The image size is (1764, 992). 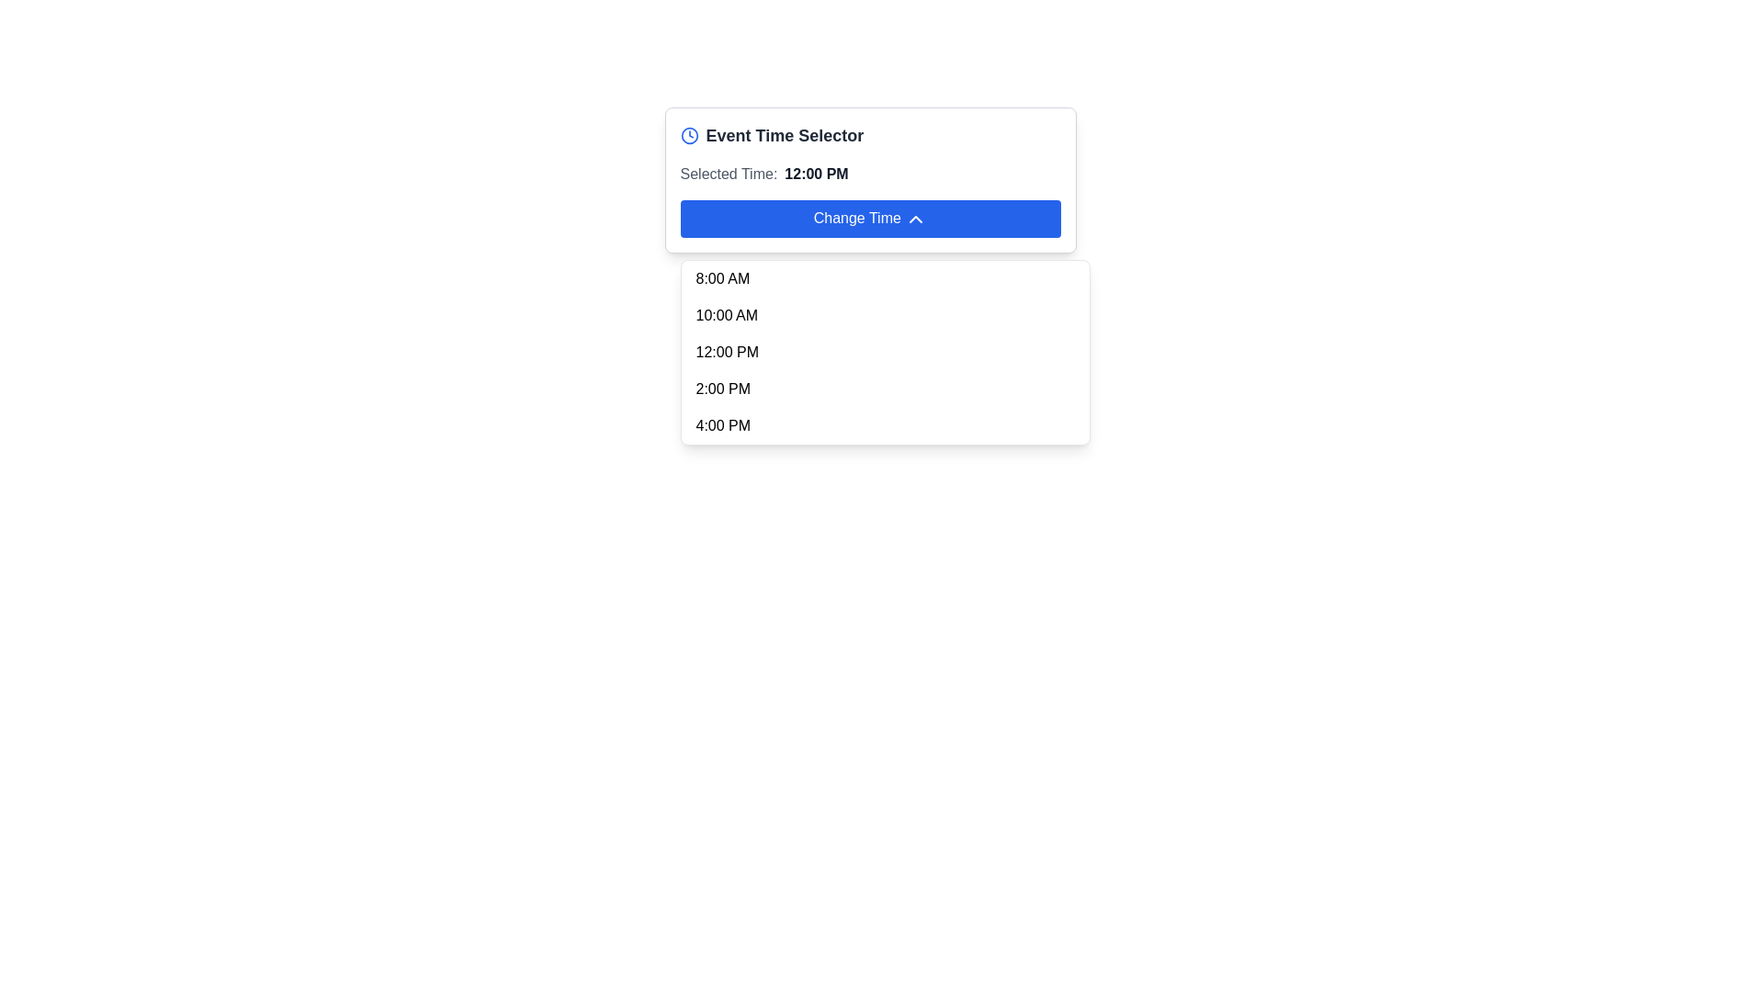 What do you see at coordinates (885, 352) in the screenshot?
I see `to select the dropdown menu item displaying '12:00 PM', which is the third item in a list of five time entries` at bounding box center [885, 352].